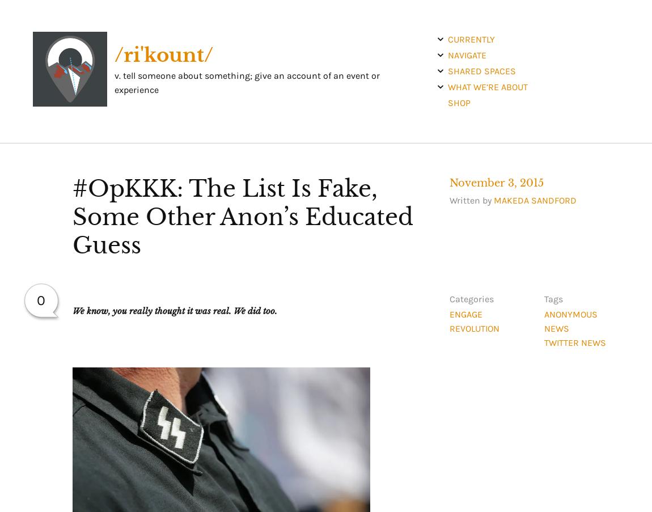  I want to click on 'We know, you really thought it was real. We did too.', so click(174, 310).